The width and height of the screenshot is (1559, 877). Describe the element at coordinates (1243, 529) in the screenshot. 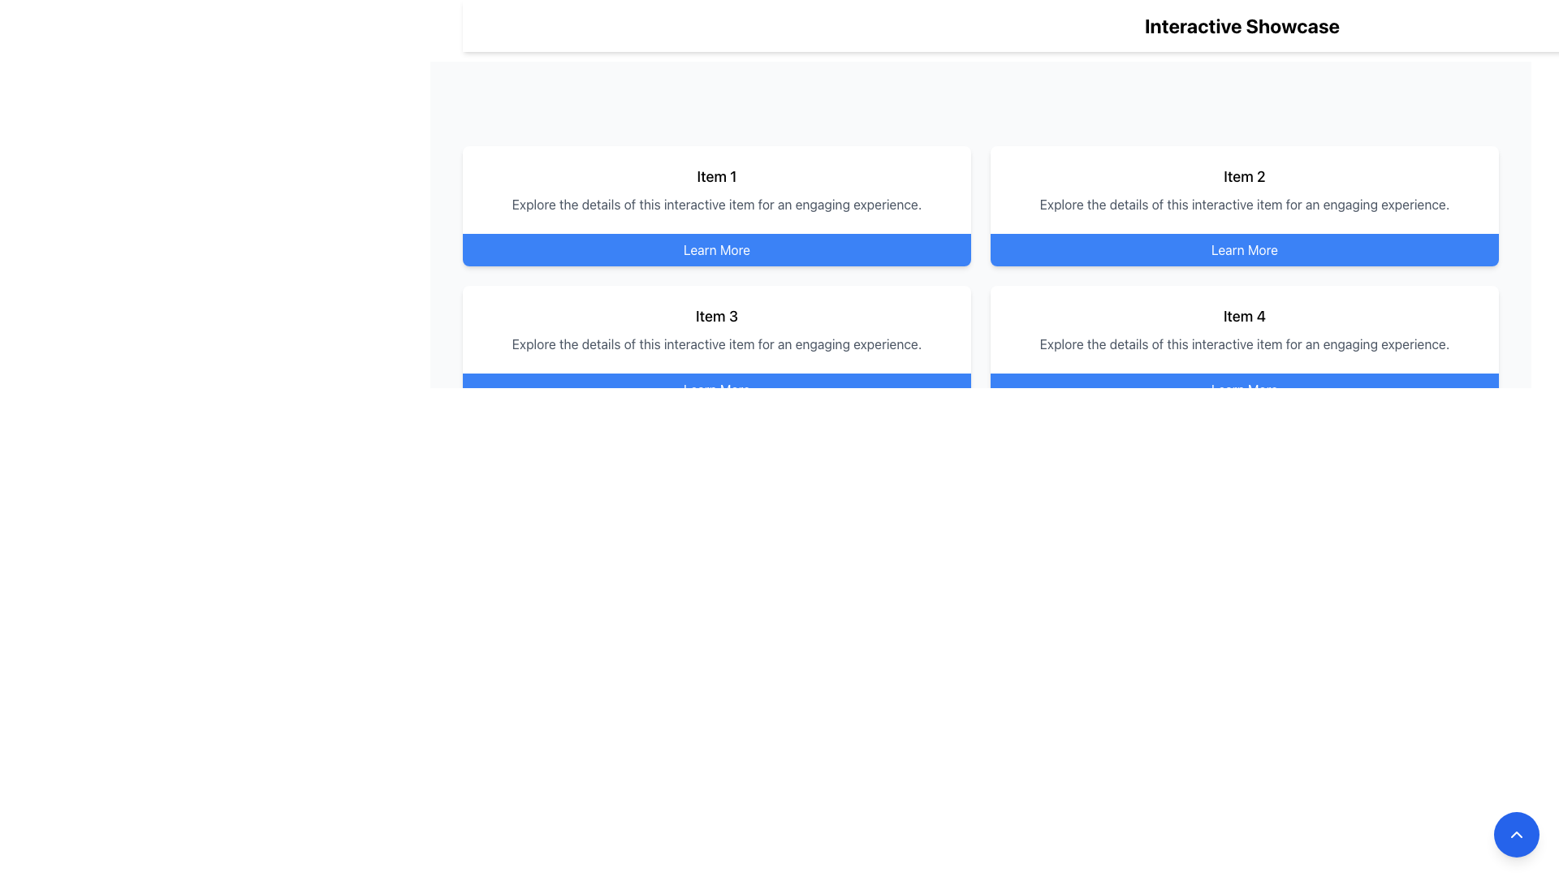

I see `the button located in the second row and second column of the grid layout to change its background color` at that location.